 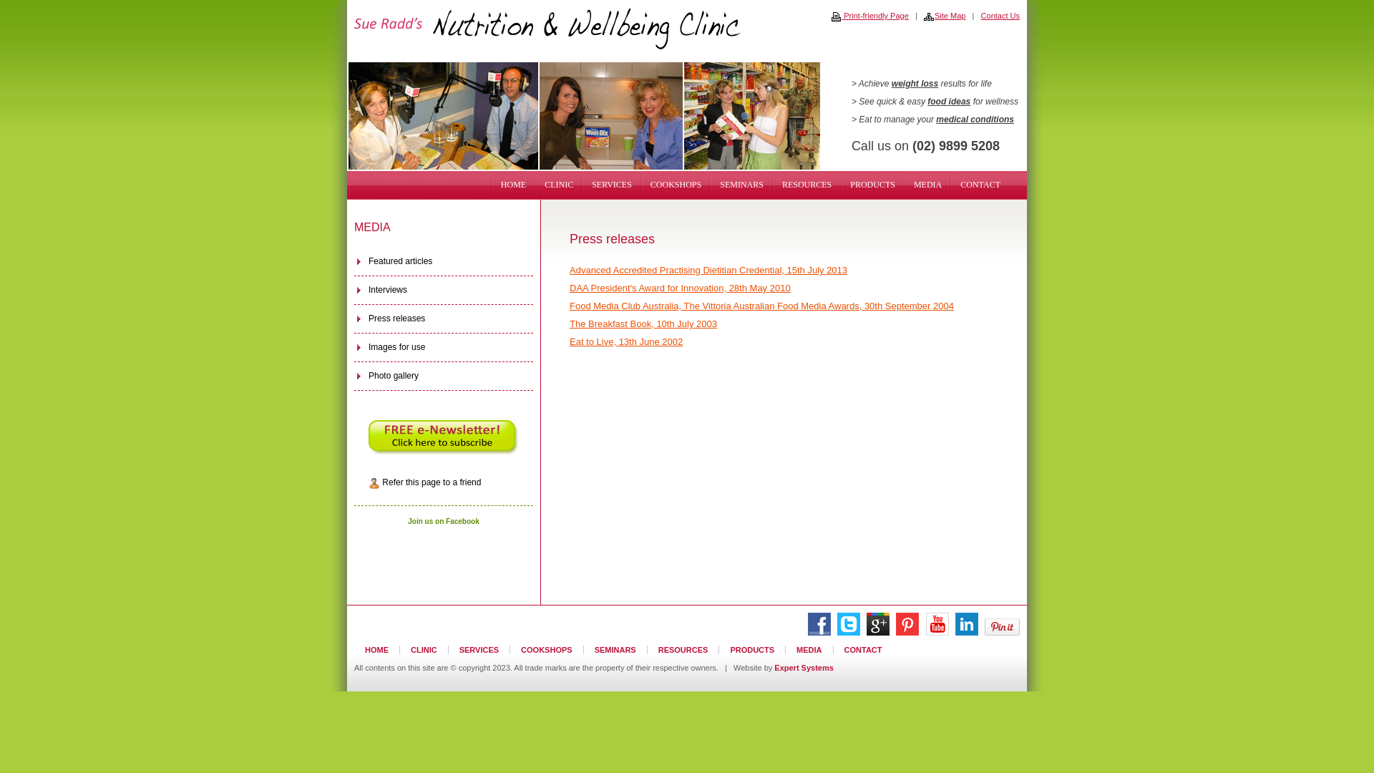 I want to click on 'Expert Systems', so click(x=804, y=668).